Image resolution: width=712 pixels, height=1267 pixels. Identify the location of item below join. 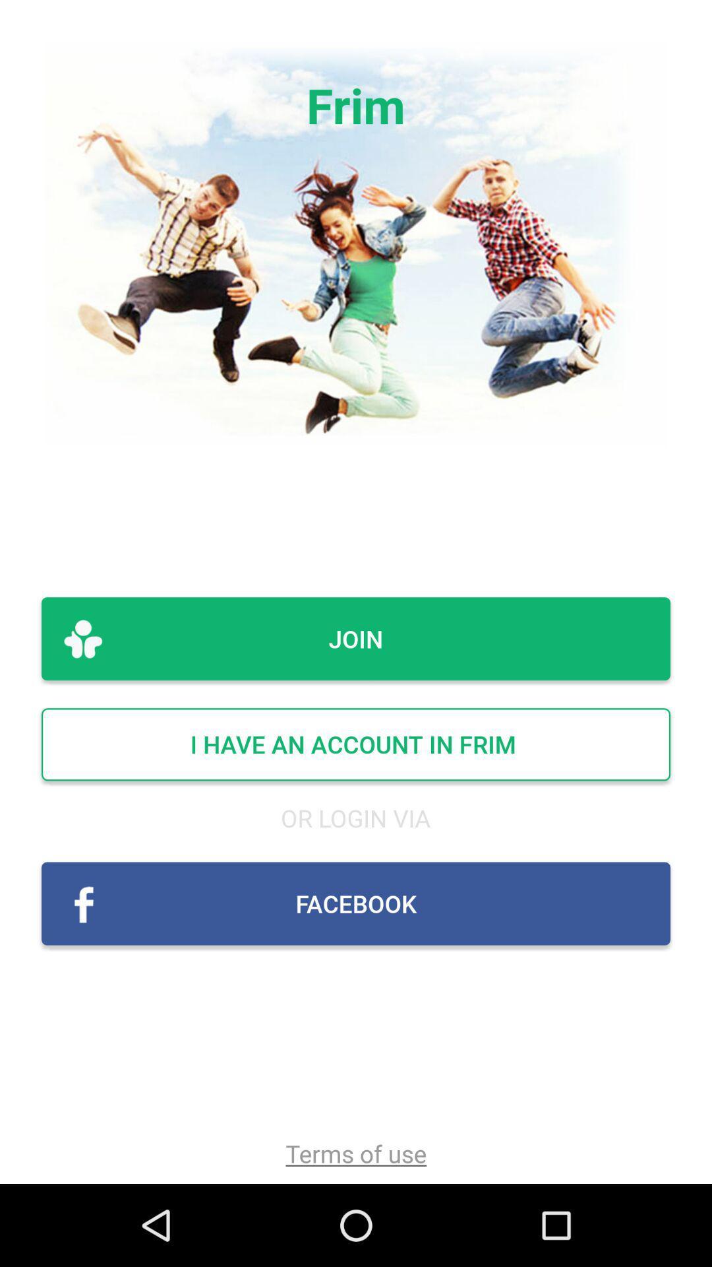
(356, 744).